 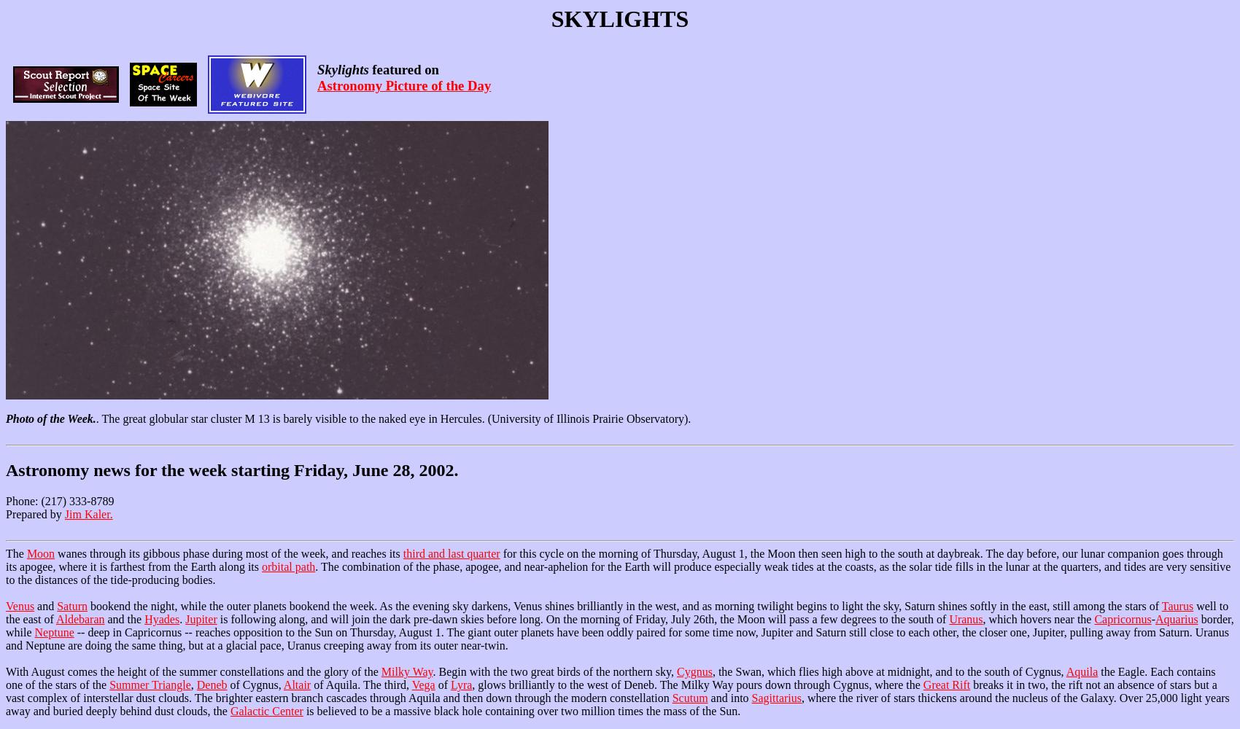 I want to click on 'Aldebaran', so click(x=79, y=618).